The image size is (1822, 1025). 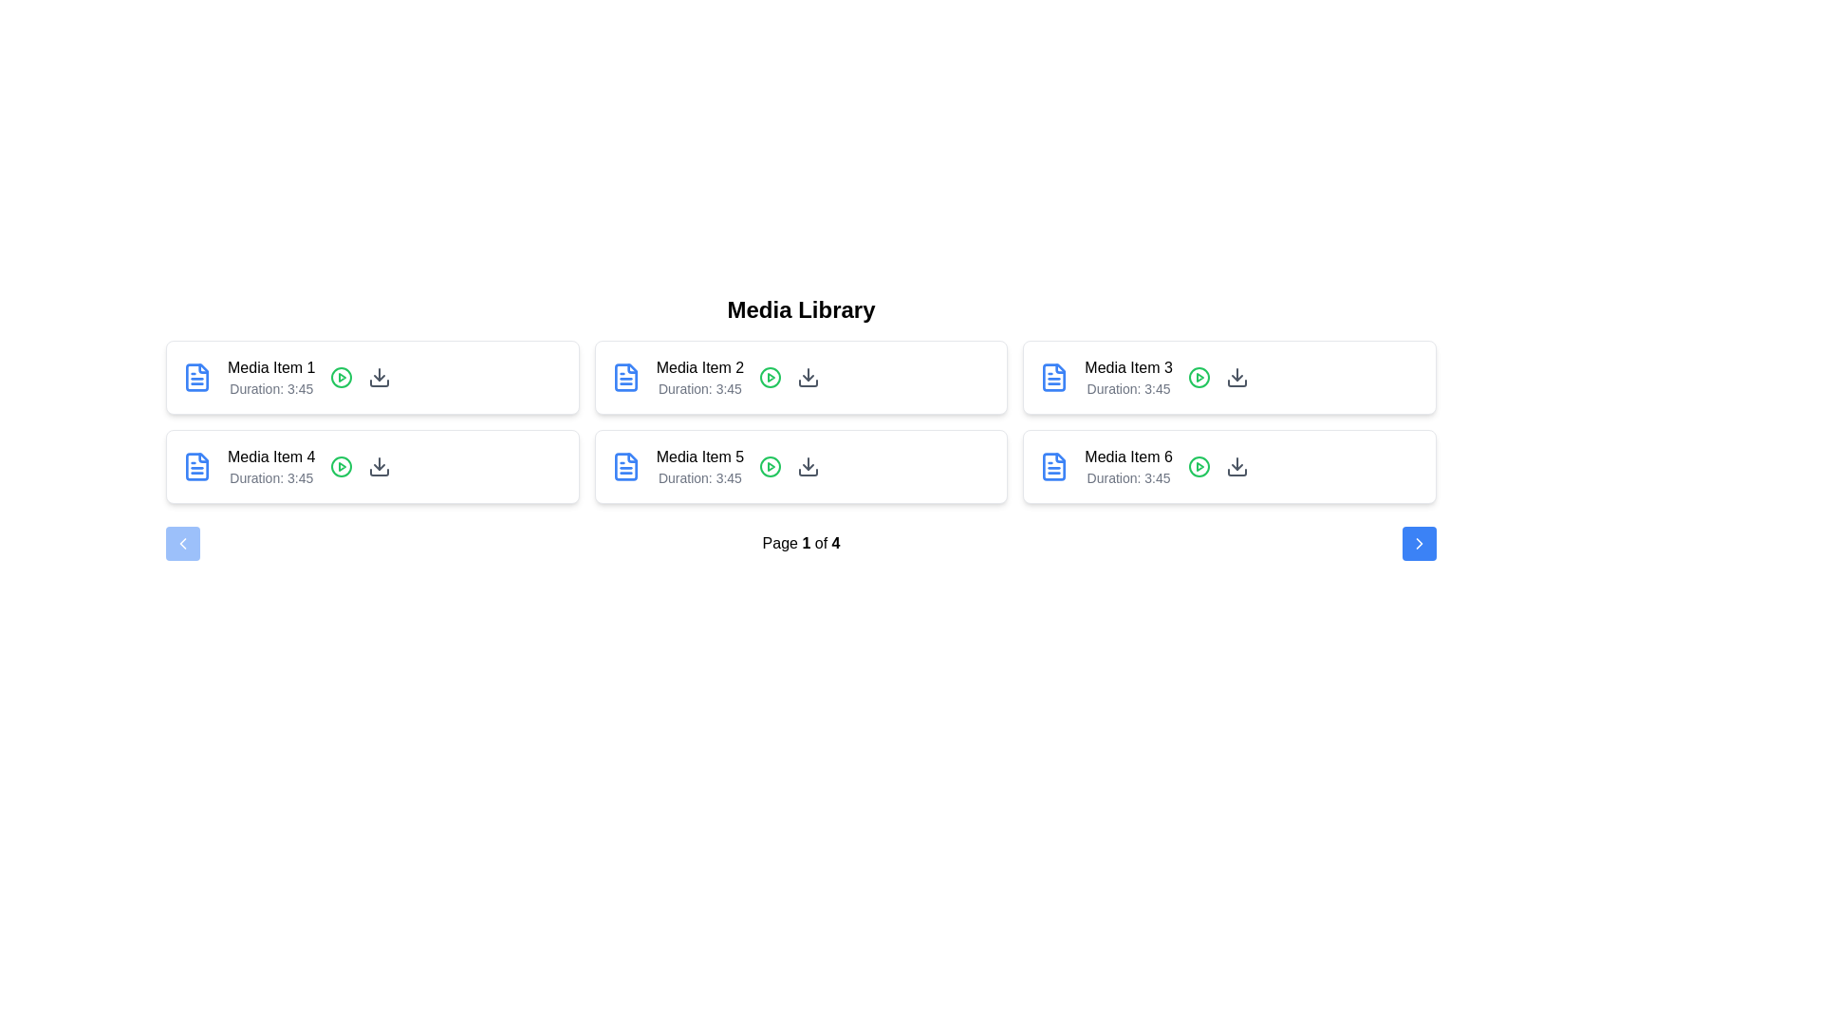 What do you see at coordinates (771, 467) in the screenshot?
I see `the circular shape within the SVG component of the play button icon next to the label 'Media Item 5'` at bounding box center [771, 467].